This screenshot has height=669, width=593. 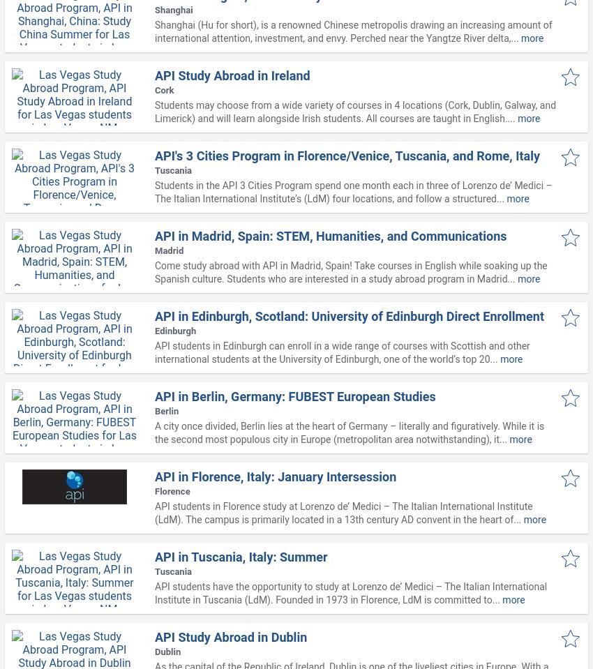 What do you see at coordinates (294, 396) in the screenshot?
I see `'API in Berlin, Germany: FUBEST European Studies'` at bounding box center [294, 396].